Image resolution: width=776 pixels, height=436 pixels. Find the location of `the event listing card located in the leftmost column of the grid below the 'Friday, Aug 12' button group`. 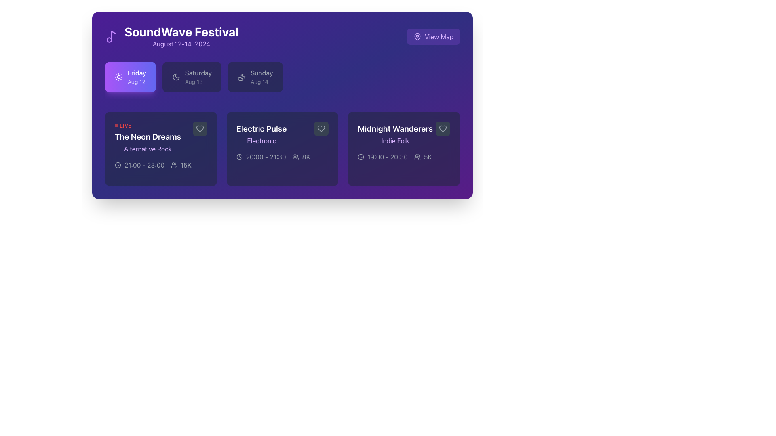

the event listing card located in the leftmost column of the grid below the 'Friday, Aug 12' button group is located at coordinates (161, 149).